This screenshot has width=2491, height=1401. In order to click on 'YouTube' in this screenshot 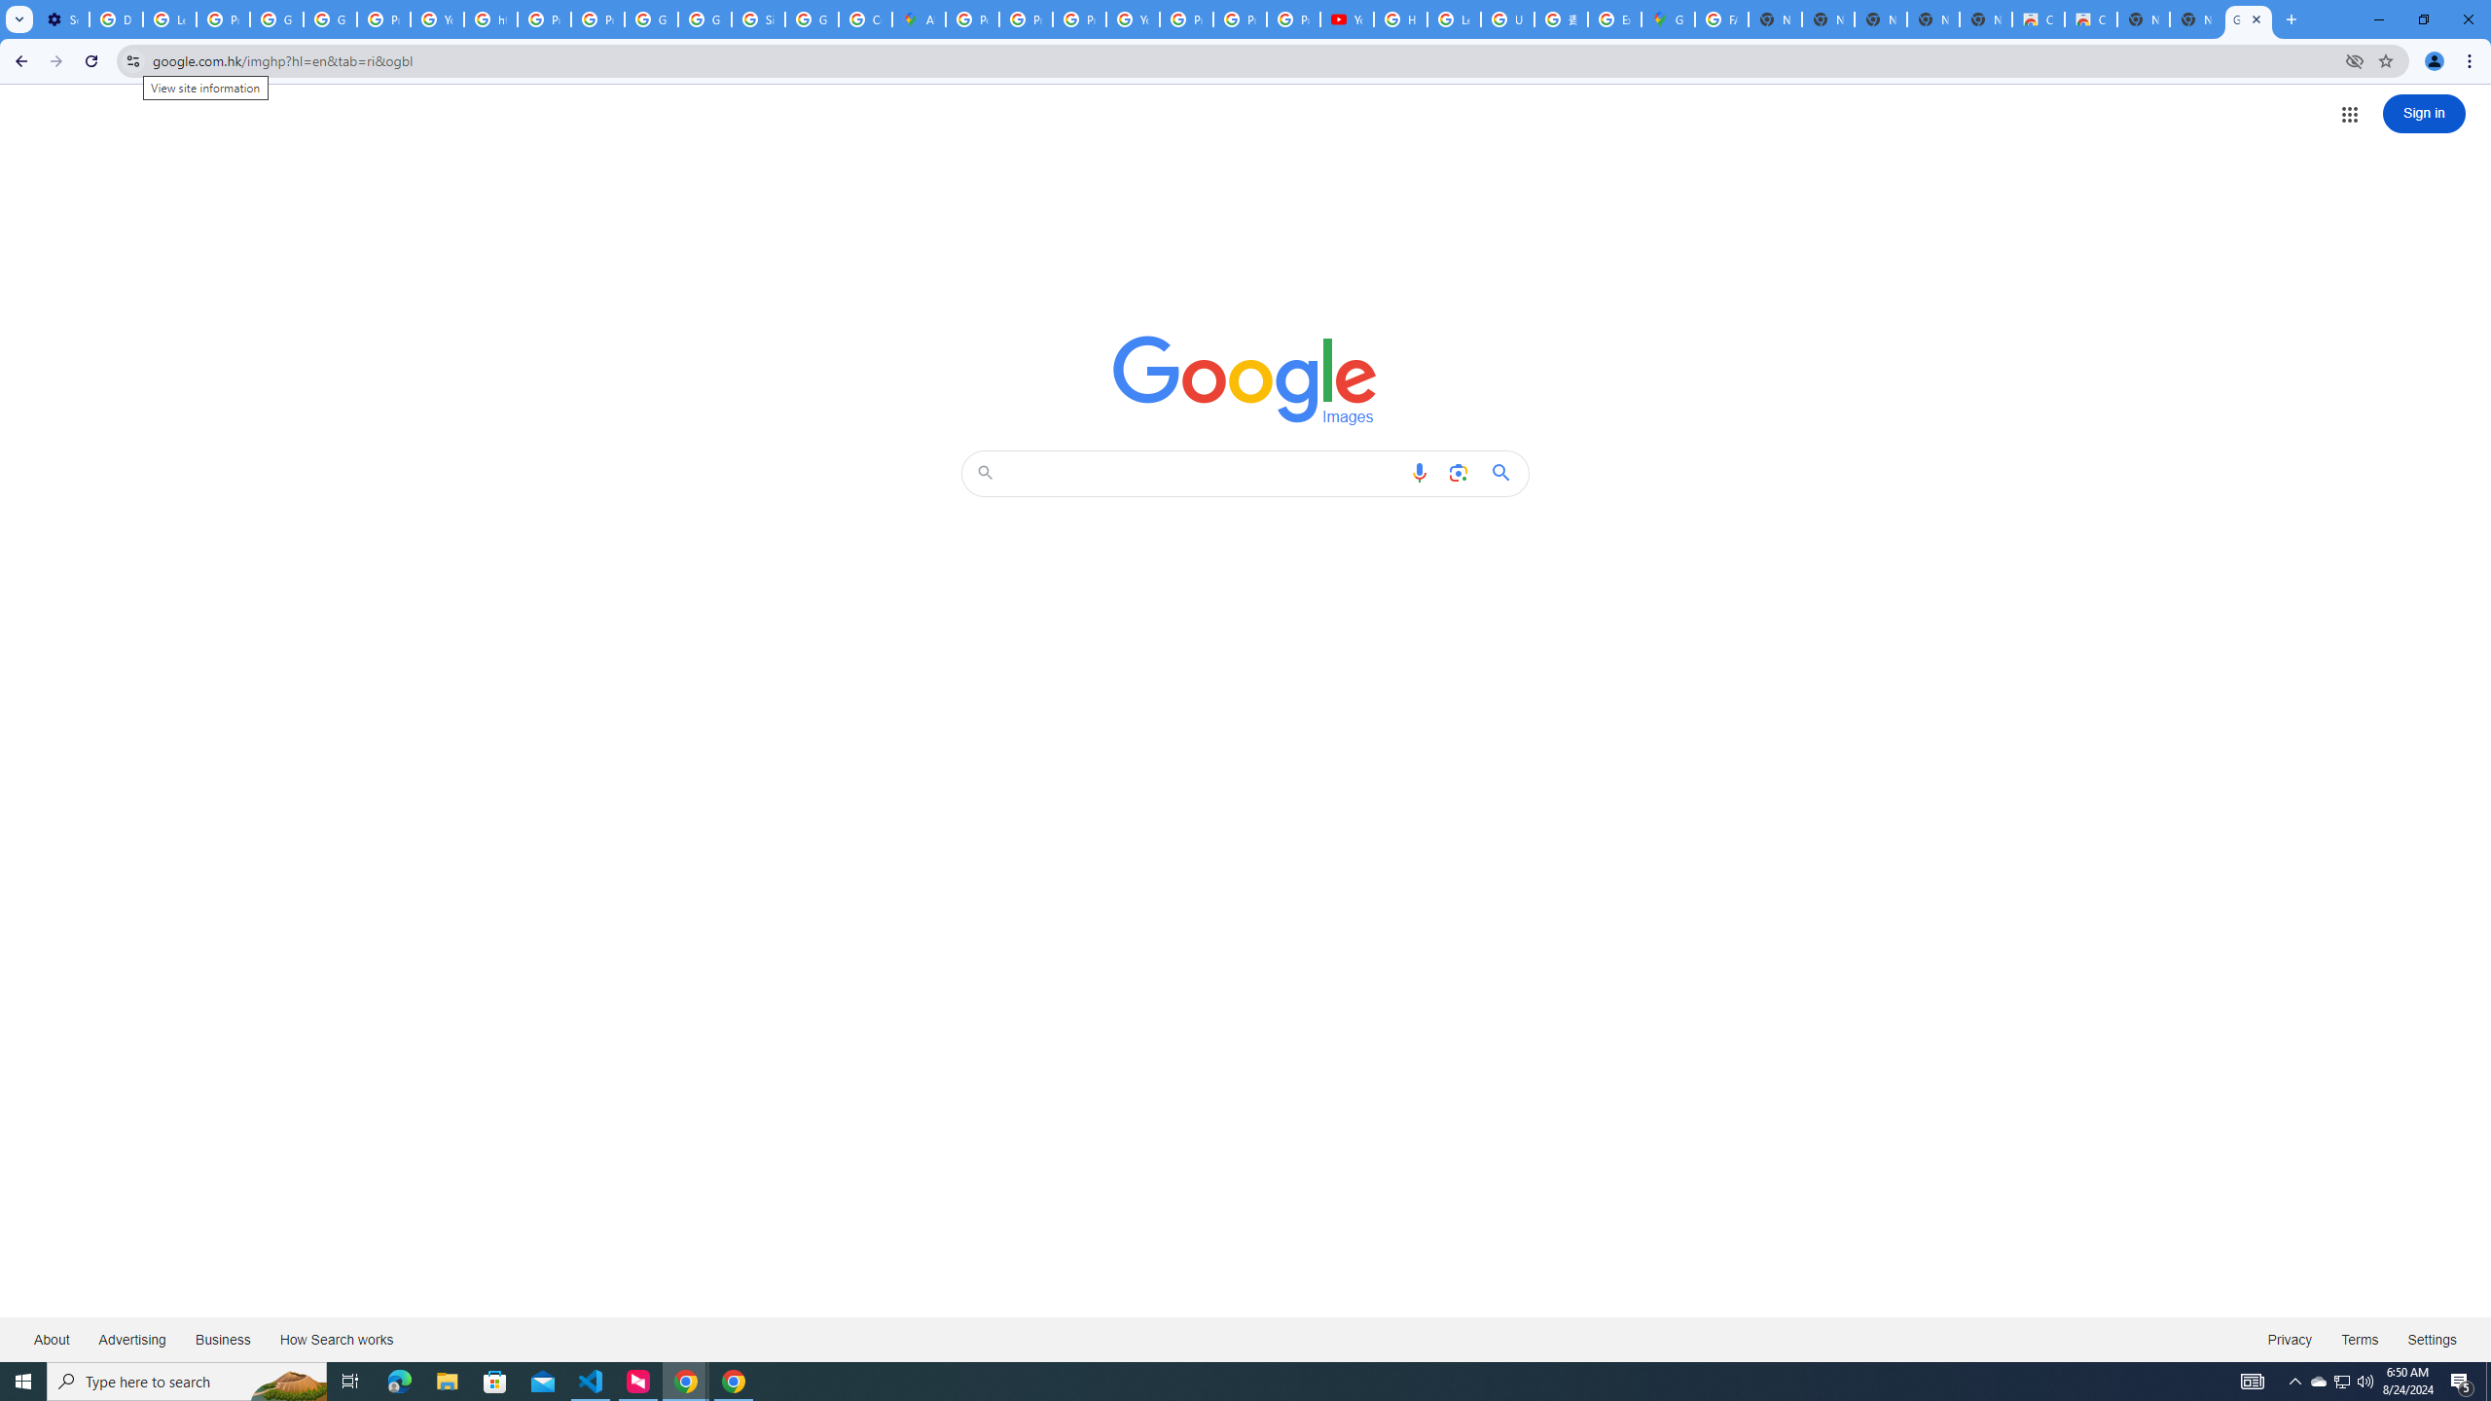, I will do `click(1132, 18)`.